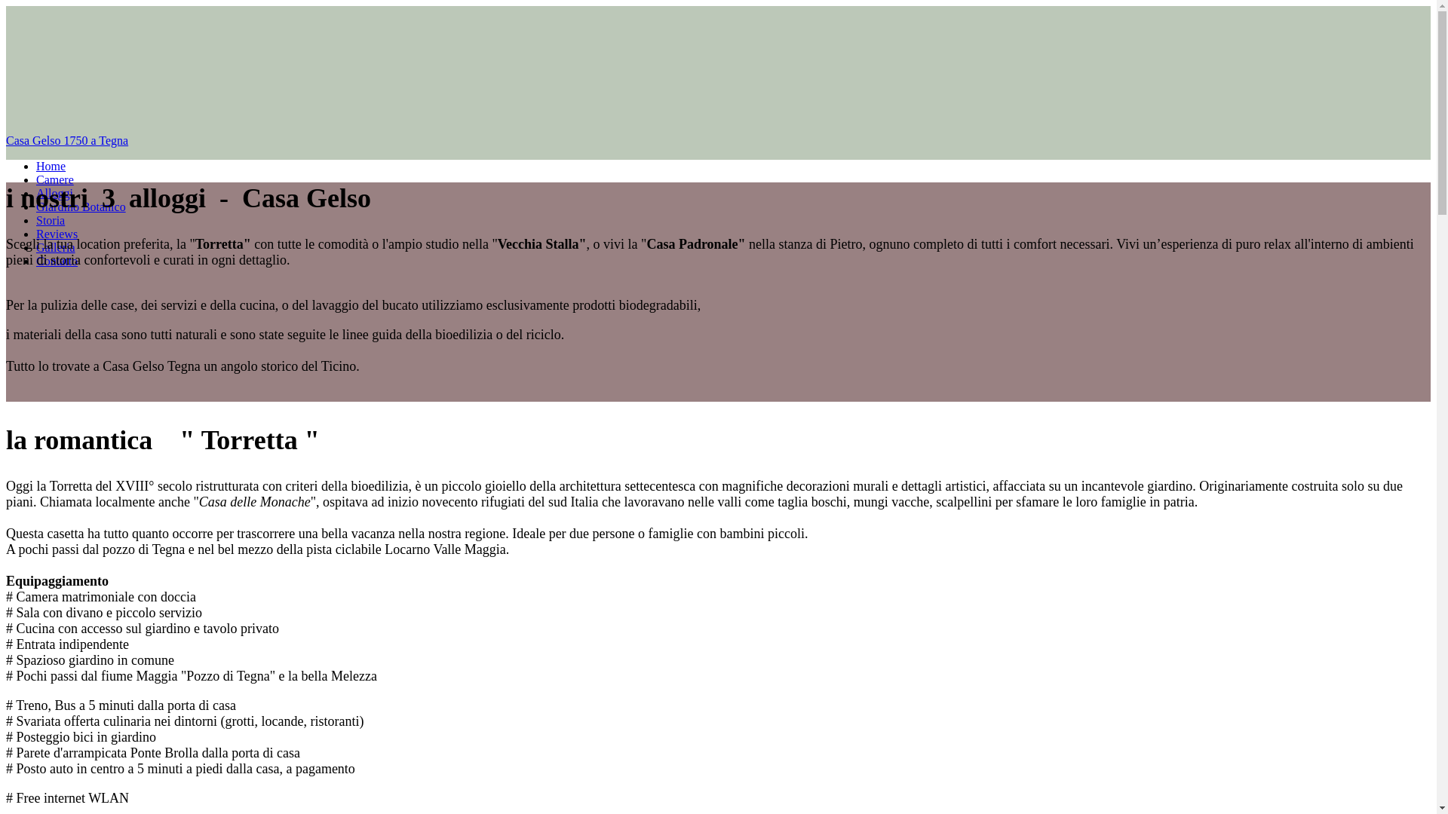 This screenshot has height=814, width=1448. I want to click on 'Storia', so click(51, 220).